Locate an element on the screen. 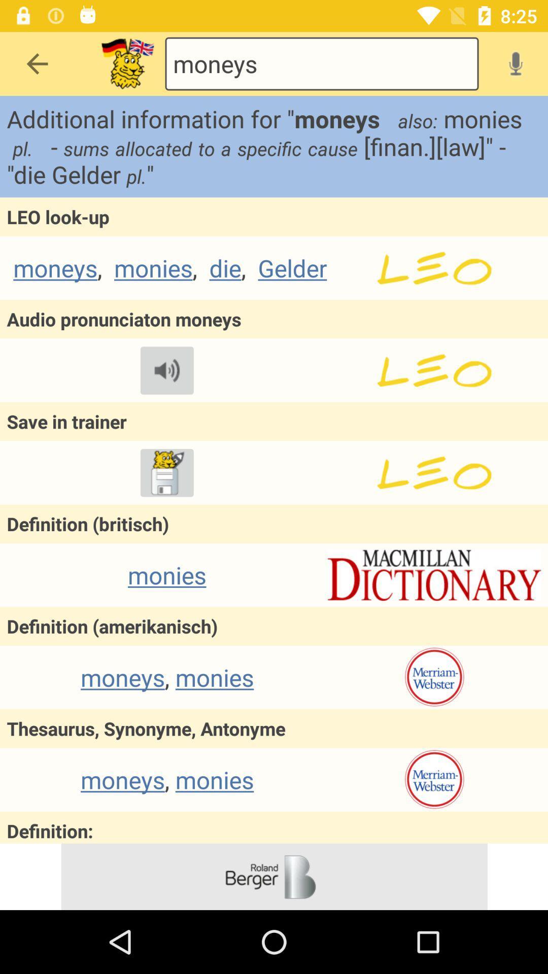  leo optioni is located at coordinates (434, 472).